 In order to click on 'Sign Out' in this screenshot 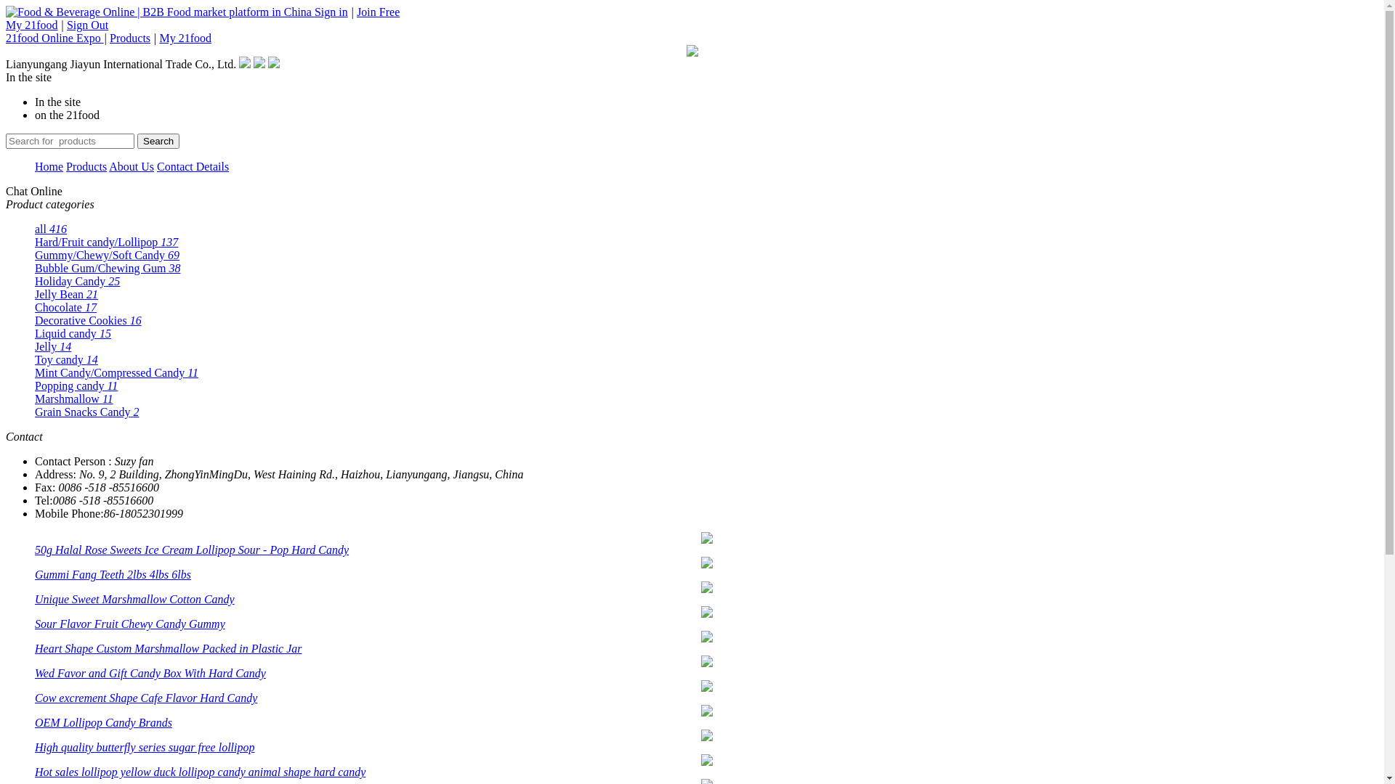, I will do `click(86, 25)`.